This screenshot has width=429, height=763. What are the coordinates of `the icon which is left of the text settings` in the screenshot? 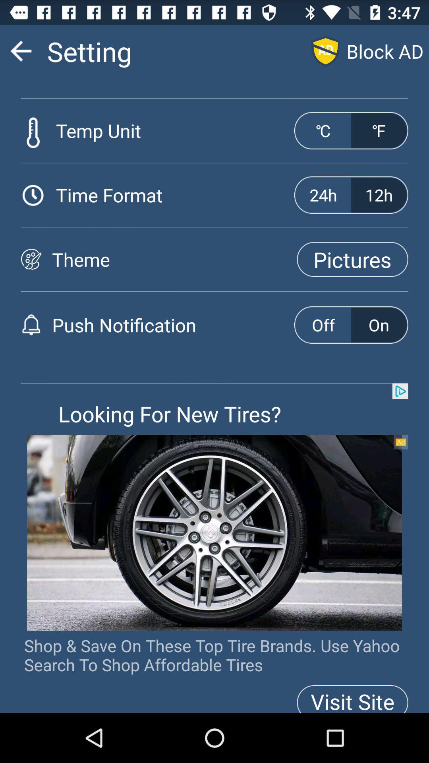 It's located at (21, 50).